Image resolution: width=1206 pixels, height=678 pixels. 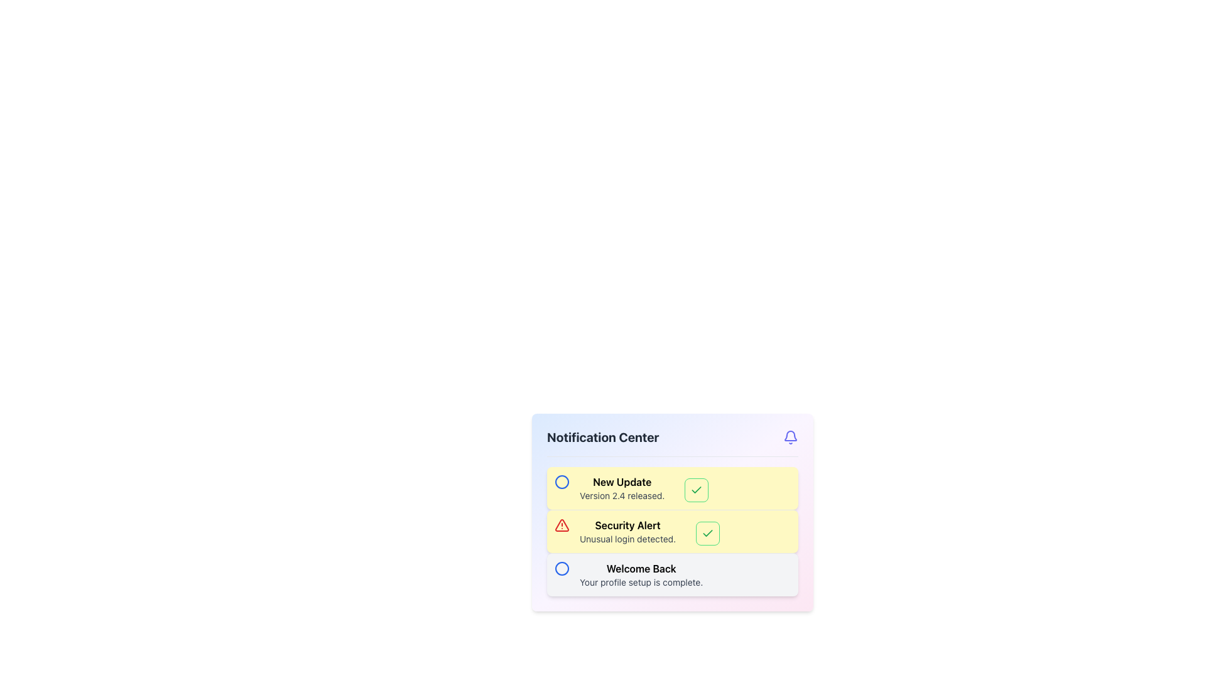 What do you see at coordinates (641, 574) in the screenshot?
I see `the text notification informing the user that their profile setup process has been completed, located below the 'New Update' and 'Security Alert' notifications` at bounding box center [641, 574].